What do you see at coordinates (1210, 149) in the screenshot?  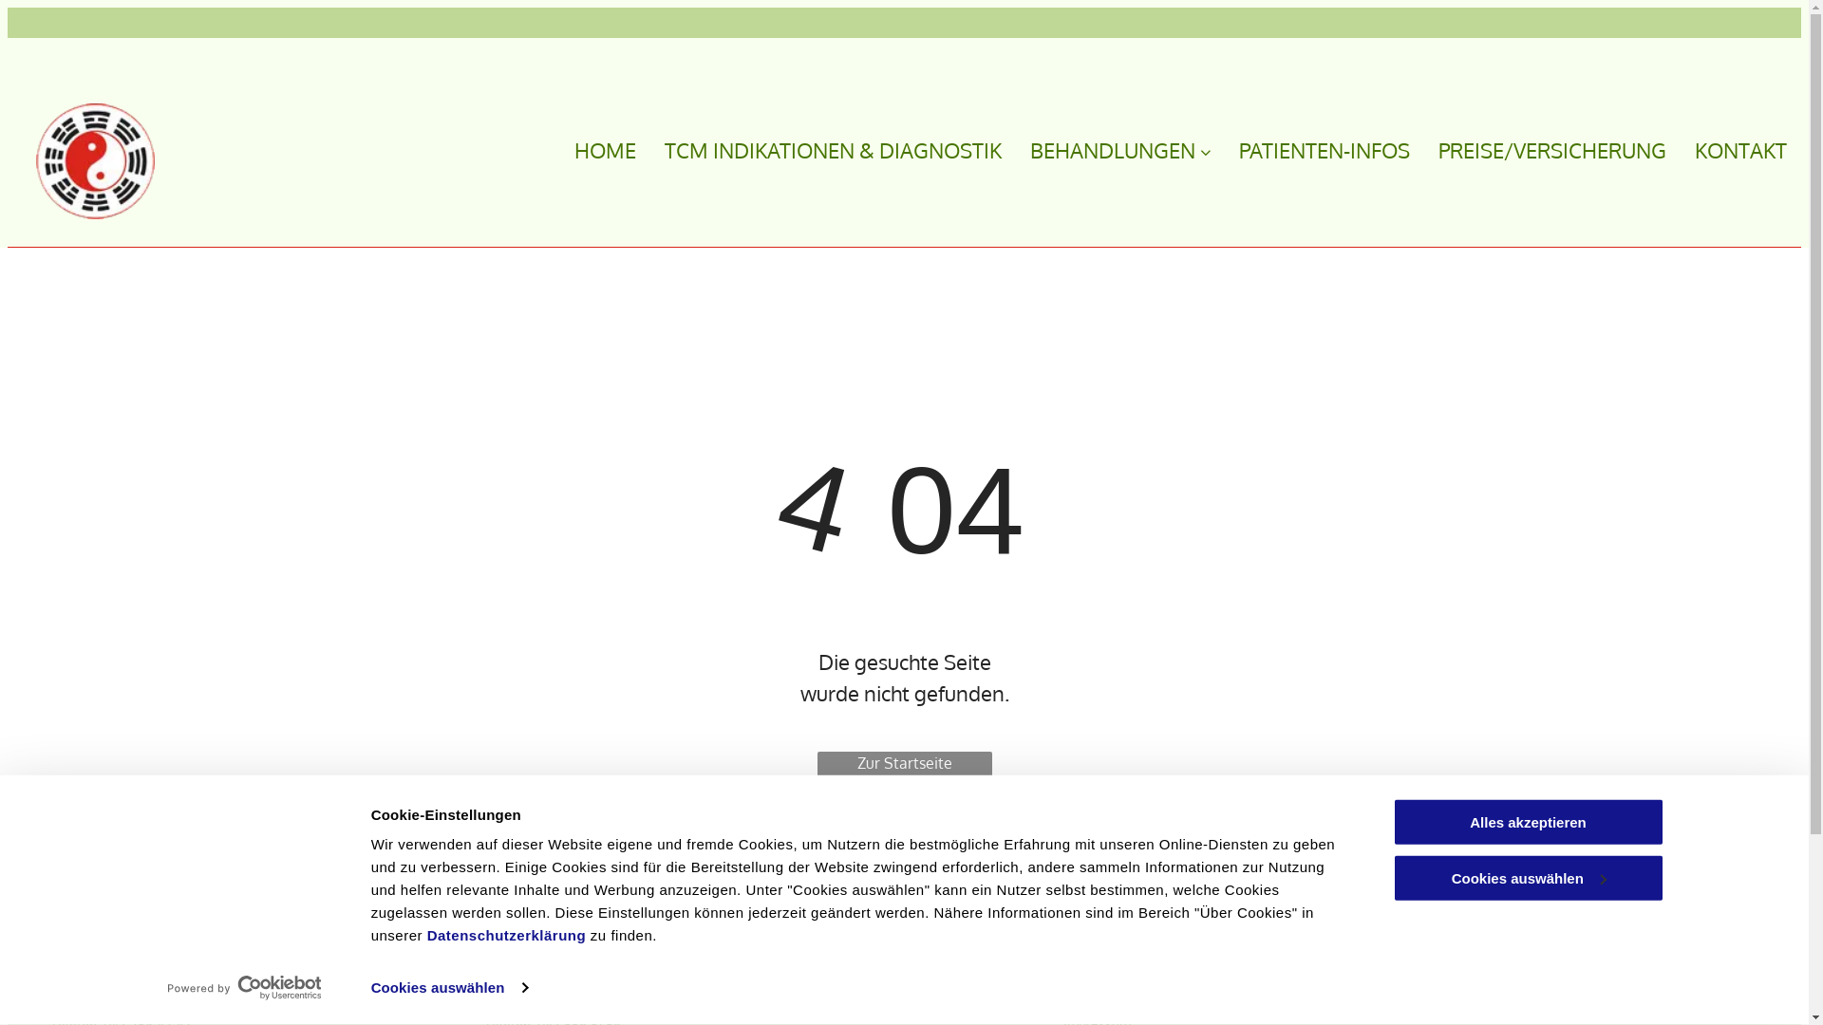 I see `'PATIENTEN-INFOS'` at bounding box center [1210, 149].